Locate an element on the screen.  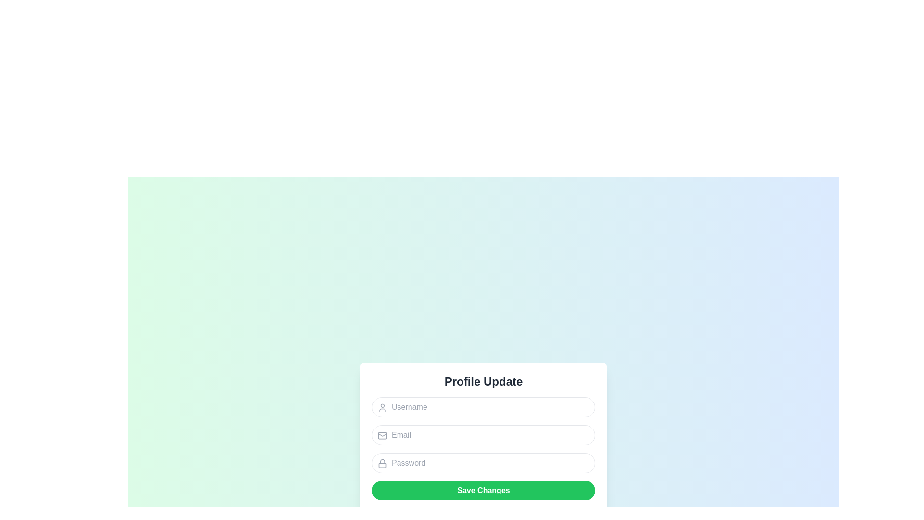
the user icon graphic, which is a small circular head and shoulder outline styled in light gray, located to the left of the 'Username' input field is located at coordinates (382, 408).